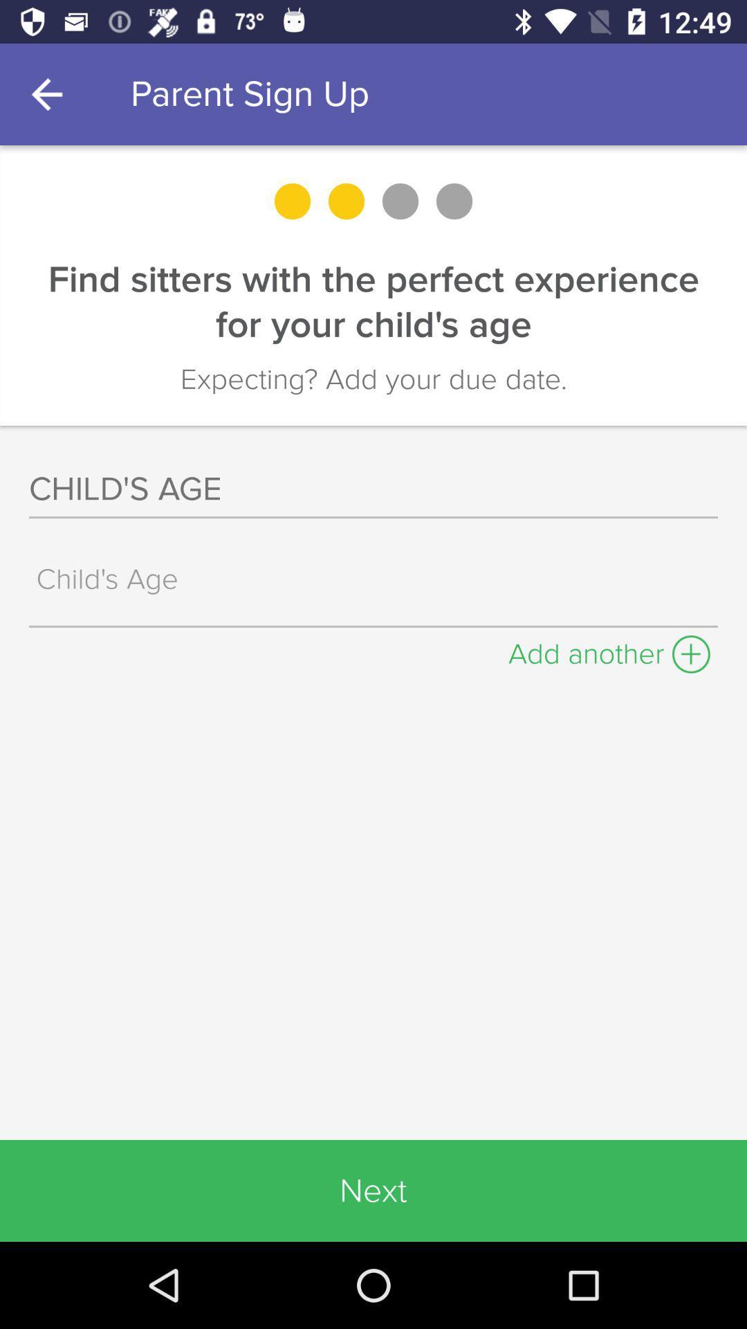  I want to click on search box, so click(377, 579).